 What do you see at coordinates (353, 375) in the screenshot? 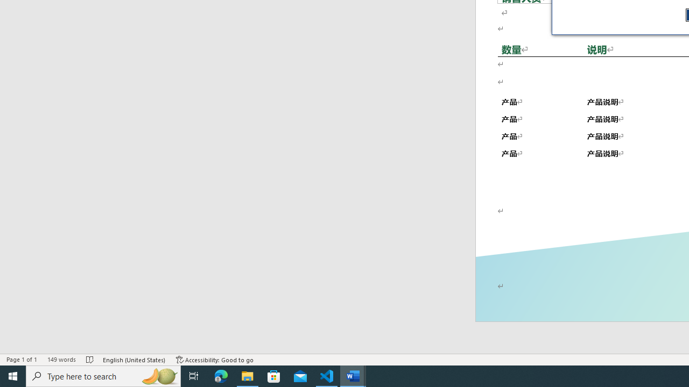
I see `'Word - 2 running windows'` at bounding box center [353, 375].